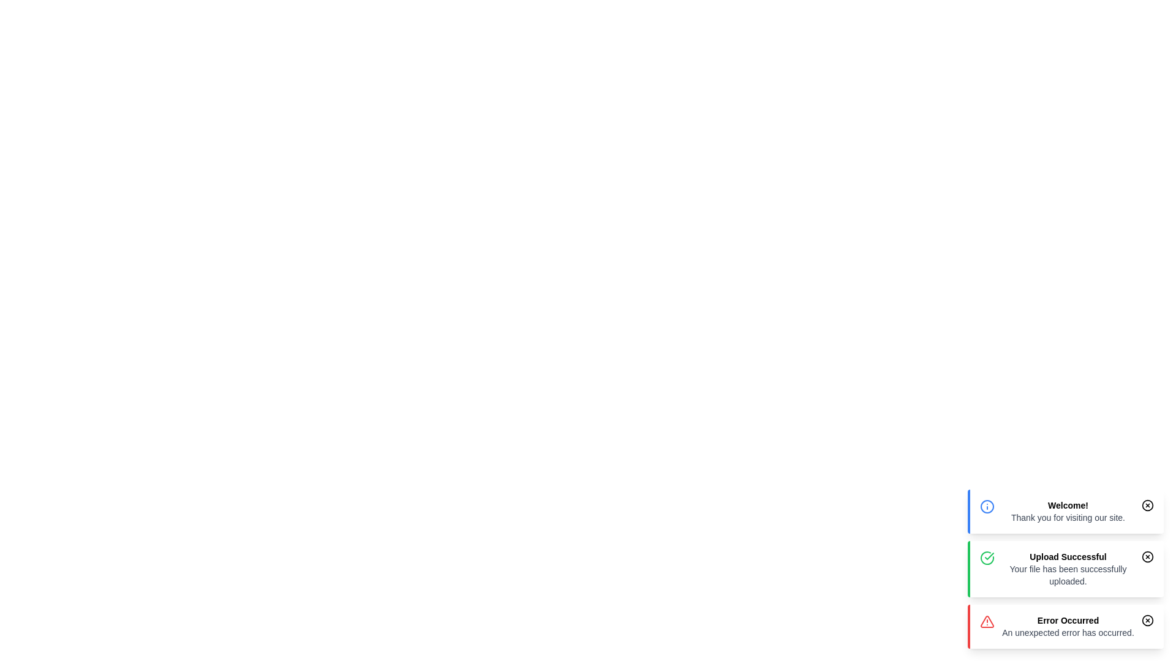  What do you see at coordinates (1147, 621) in the screenshot?
I see `the third interactive icon located at the top-right corner of the 'Error Occurred' notification message` at bounding box center [1147, 621].